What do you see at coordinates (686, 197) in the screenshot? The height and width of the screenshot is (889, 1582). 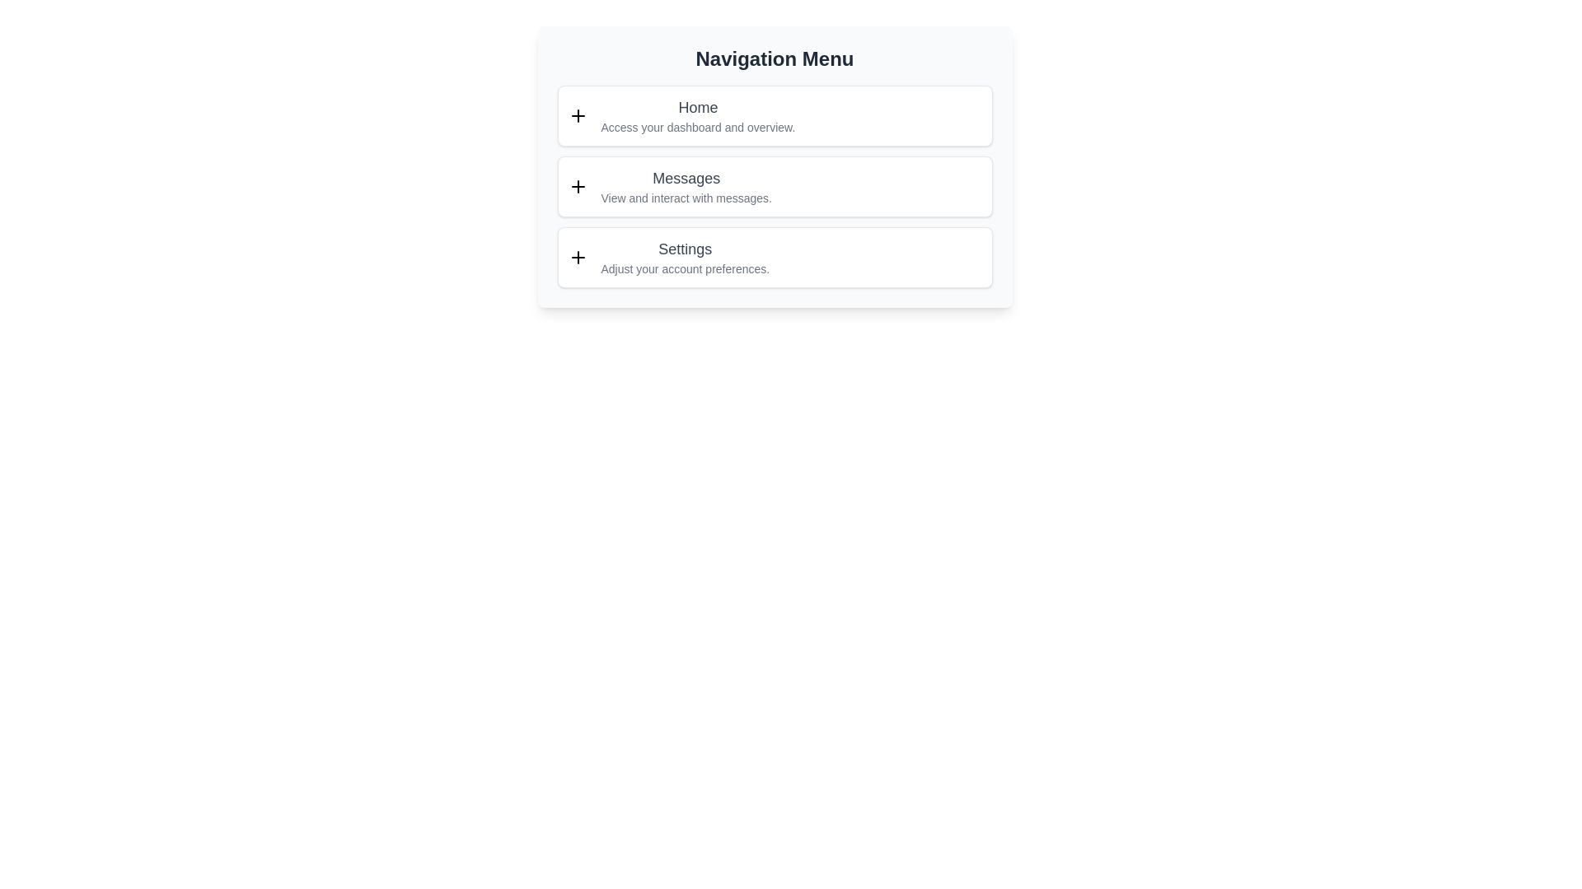 I see `the static text label that provides additional context about the 'Messages' section in the navigation menu, located beneath the 'Messages' text` at bounding box center [686, 197].